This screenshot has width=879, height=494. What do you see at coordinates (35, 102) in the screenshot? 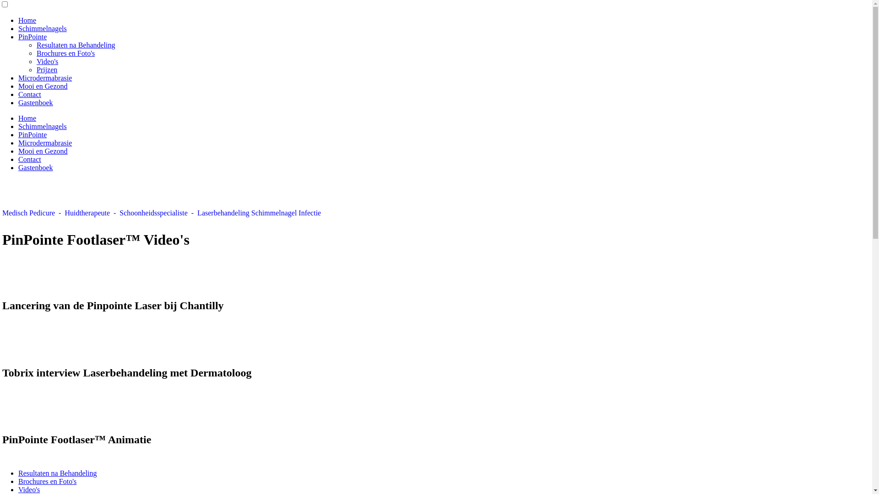
I see `'Gastenboek'` at bounding box center [35, 102].